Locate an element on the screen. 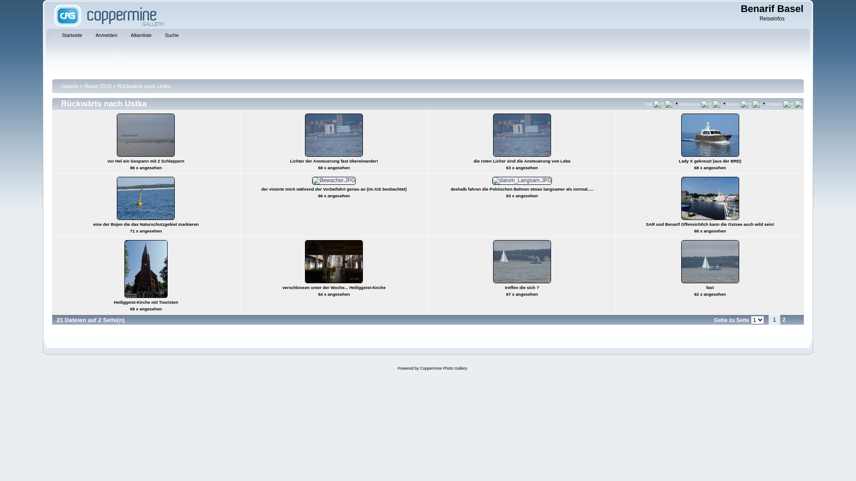  'Absteigend nach Position sortieren' is located at coordinates (799, 103).